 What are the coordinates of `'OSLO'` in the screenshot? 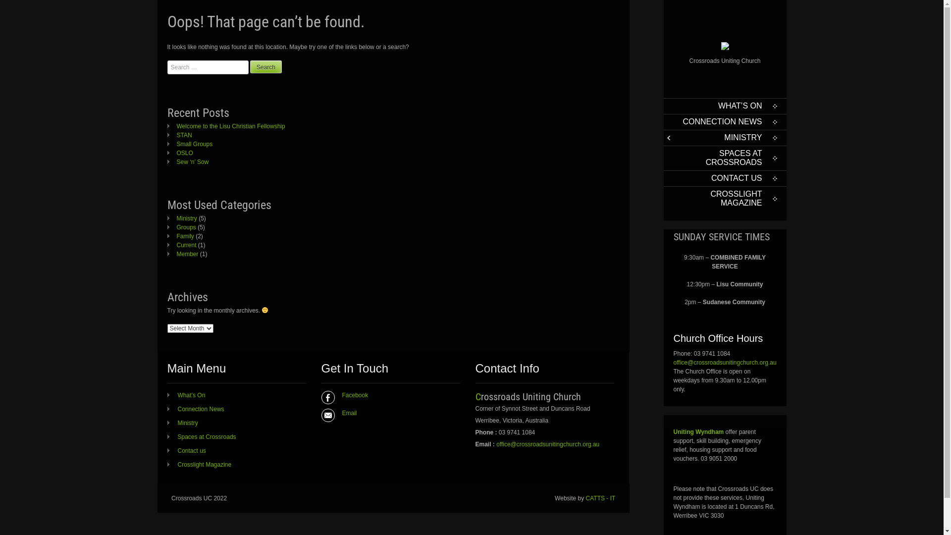 It's located at (180, 153).